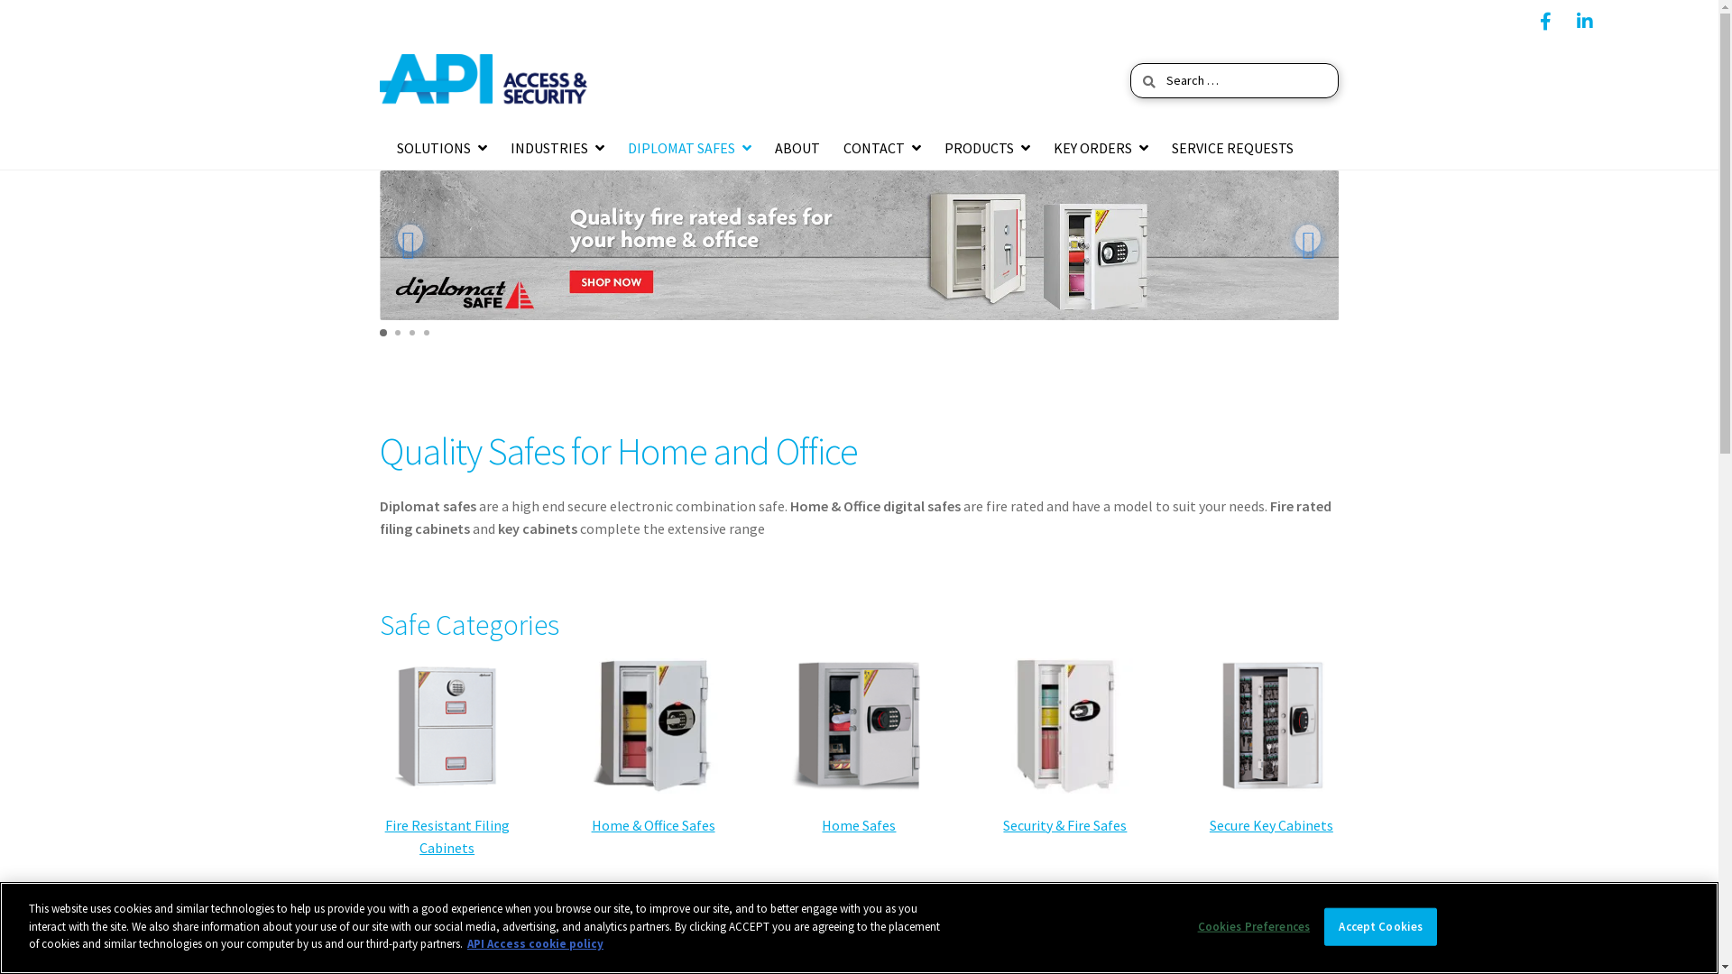 Image resolution: width=1732 pixels, height=974 pixels. What do you see at coordinates (556, 148) in the screenshot?
I see `'INDUSTRIES'` at bounding box center [556, 148].